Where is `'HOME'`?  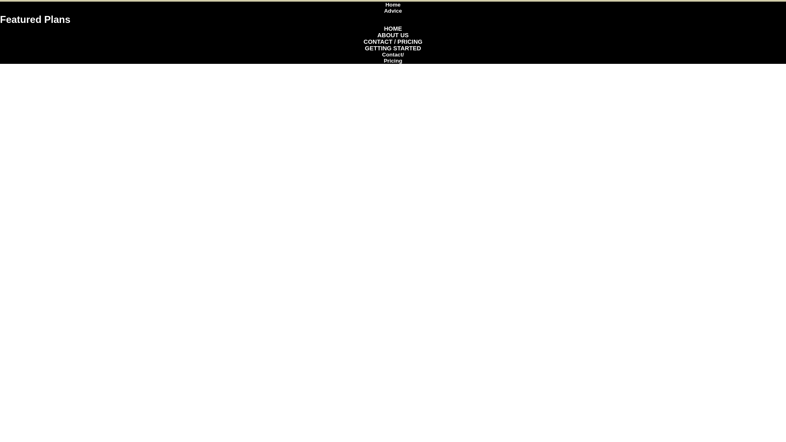
'HOME' is located at coordinates (383, 28).